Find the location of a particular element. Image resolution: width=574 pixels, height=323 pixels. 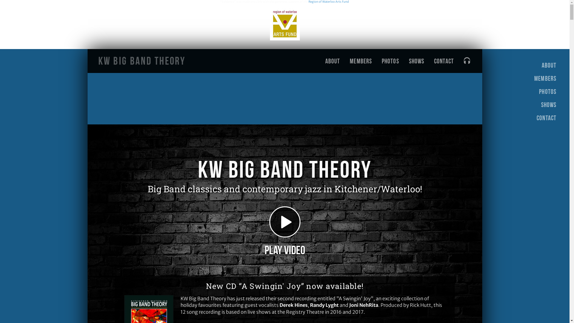

'ABOUT' is located at coordinates (549, 65).